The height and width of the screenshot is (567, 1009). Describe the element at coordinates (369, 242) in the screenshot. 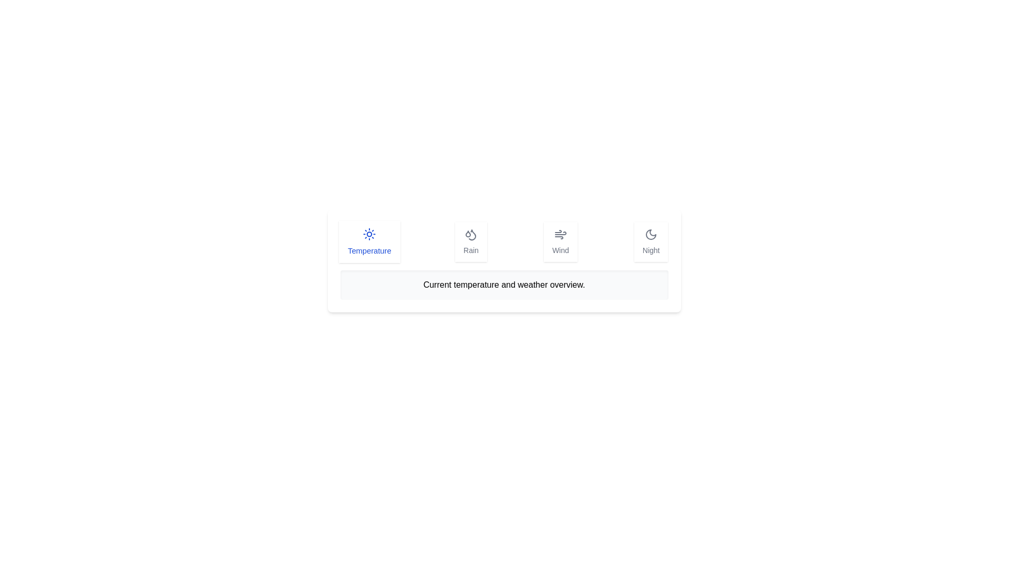

I see `the button labeled 'Temperature' which features a sun icon and blue text` at that location.